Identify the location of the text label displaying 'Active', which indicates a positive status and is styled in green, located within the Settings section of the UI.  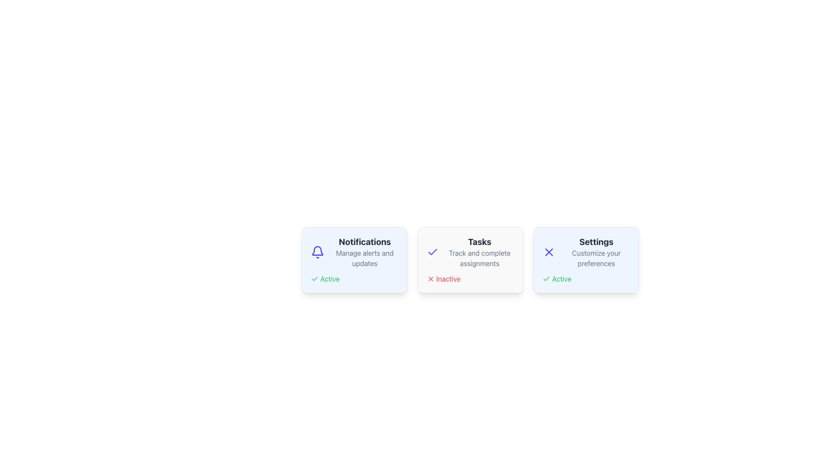
(561, 279).